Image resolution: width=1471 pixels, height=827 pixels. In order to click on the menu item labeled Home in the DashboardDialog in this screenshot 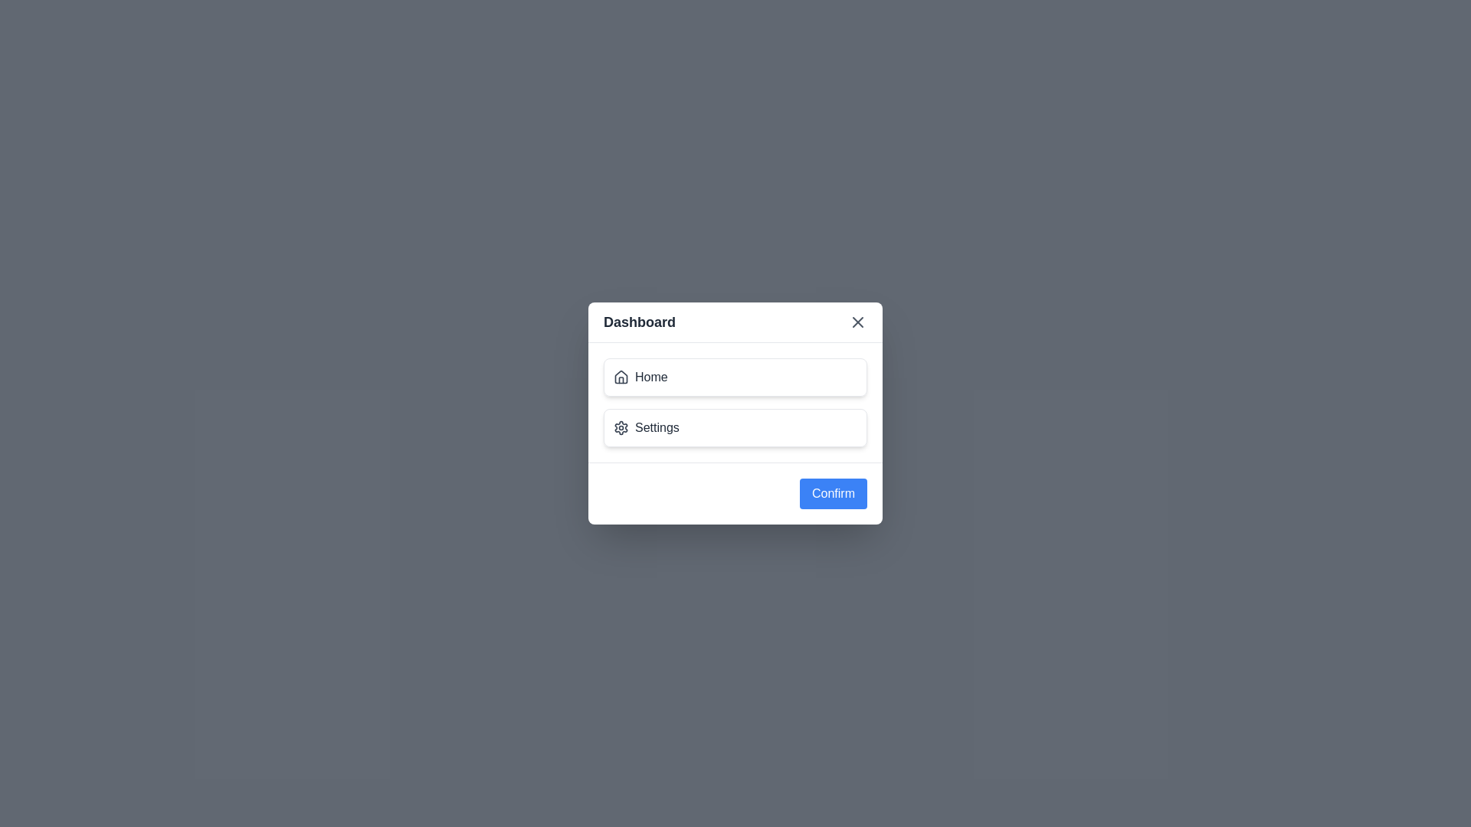, I will do `click(735, 378)`.